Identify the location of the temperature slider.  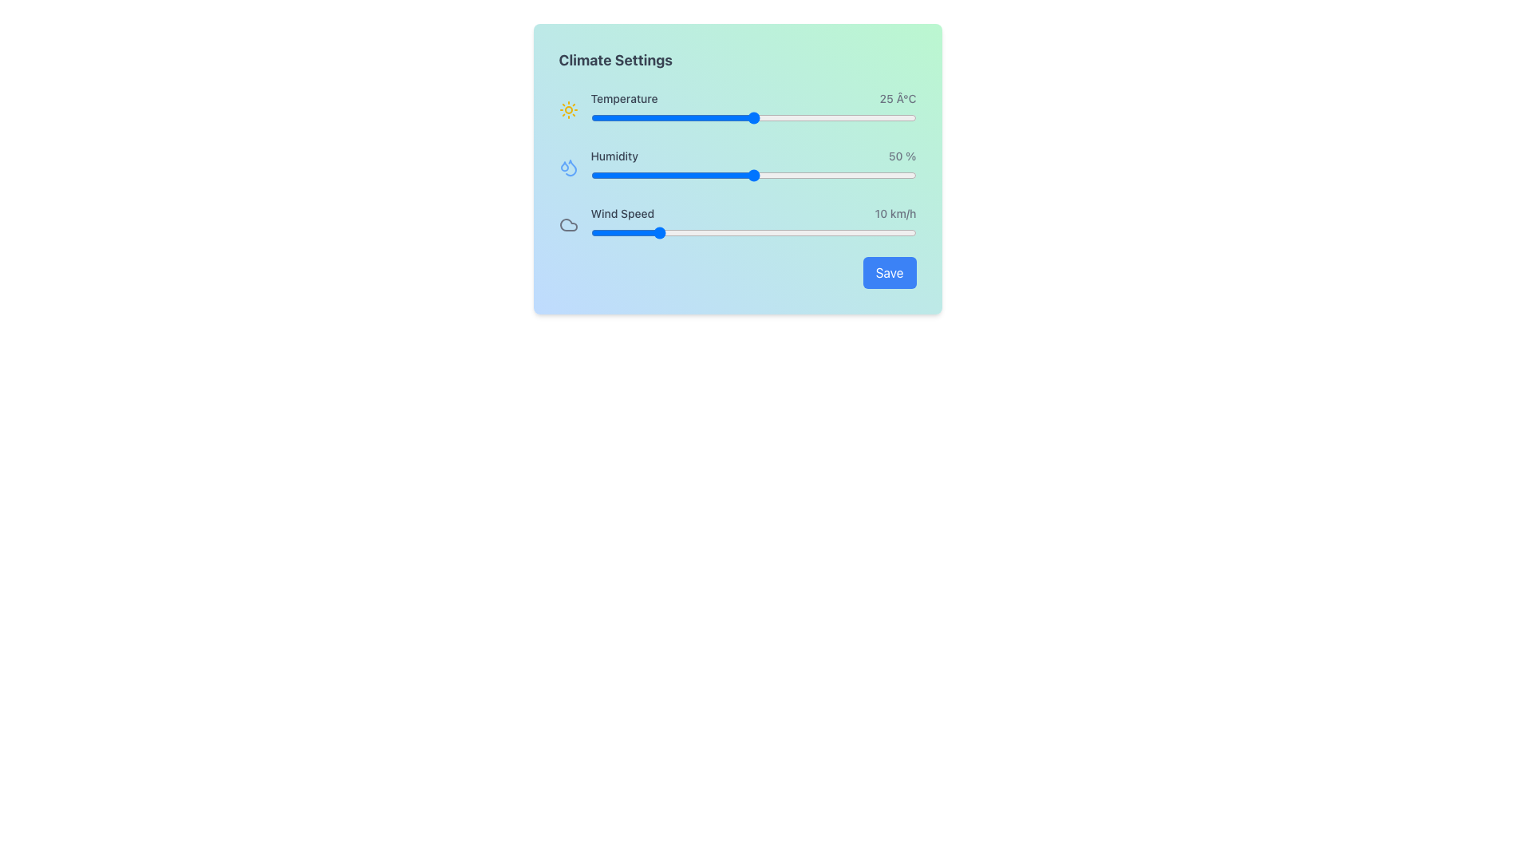
(766, 117).